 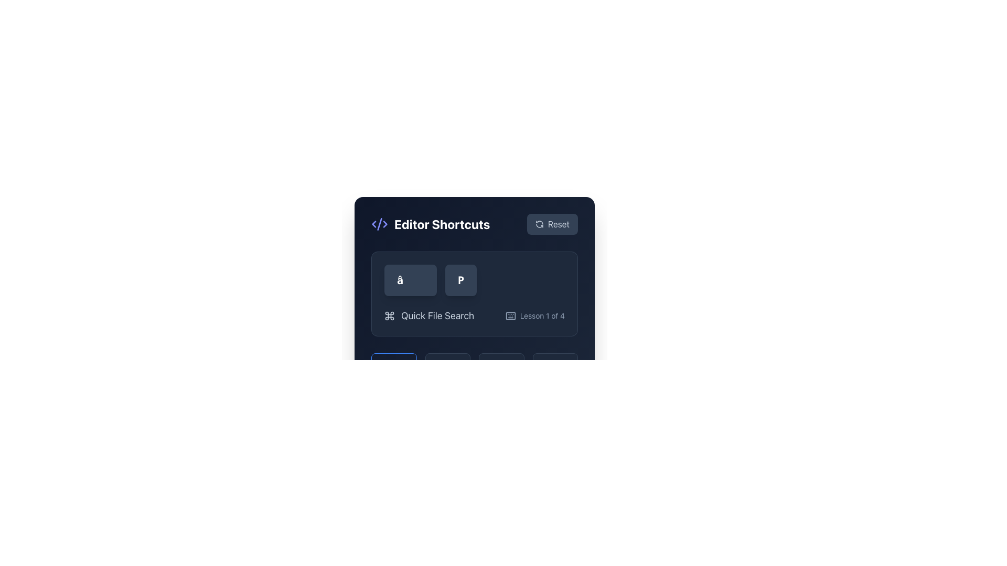 What do you see at coordinates (410, 280) in the screenshot?
I see `the first button representing the '⌘' symbol located in the 'Editor Shortcuts' box near the top-left corner of the interface` at bounding box center [410, 280].